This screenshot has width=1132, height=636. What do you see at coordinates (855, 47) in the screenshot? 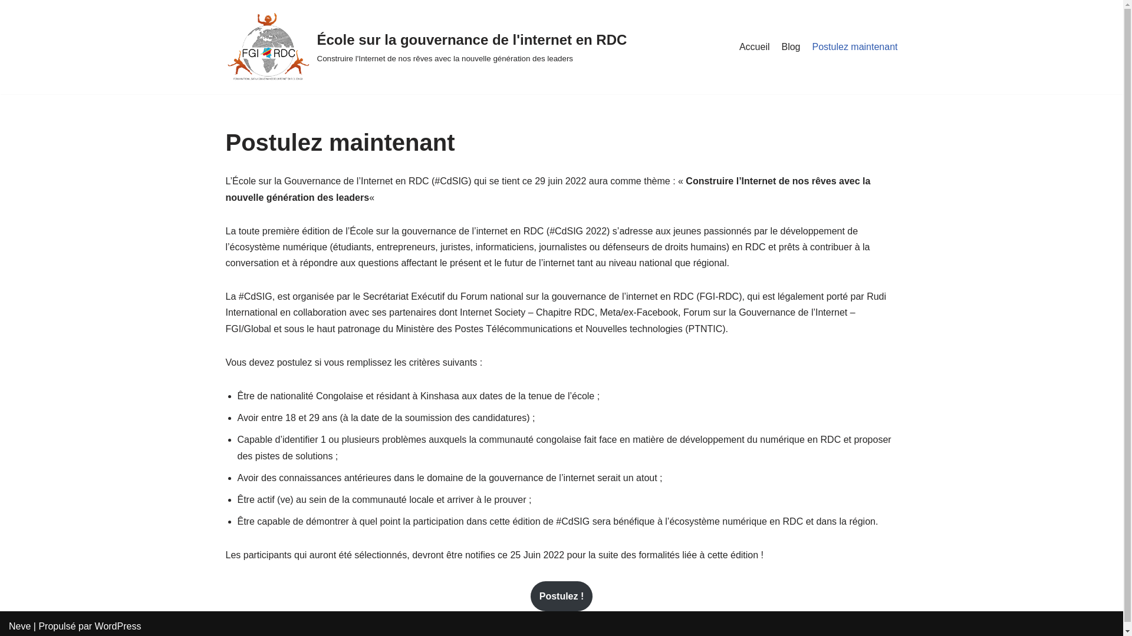
I see `'Postulez maintenant'` at bounding box center [855, 47].